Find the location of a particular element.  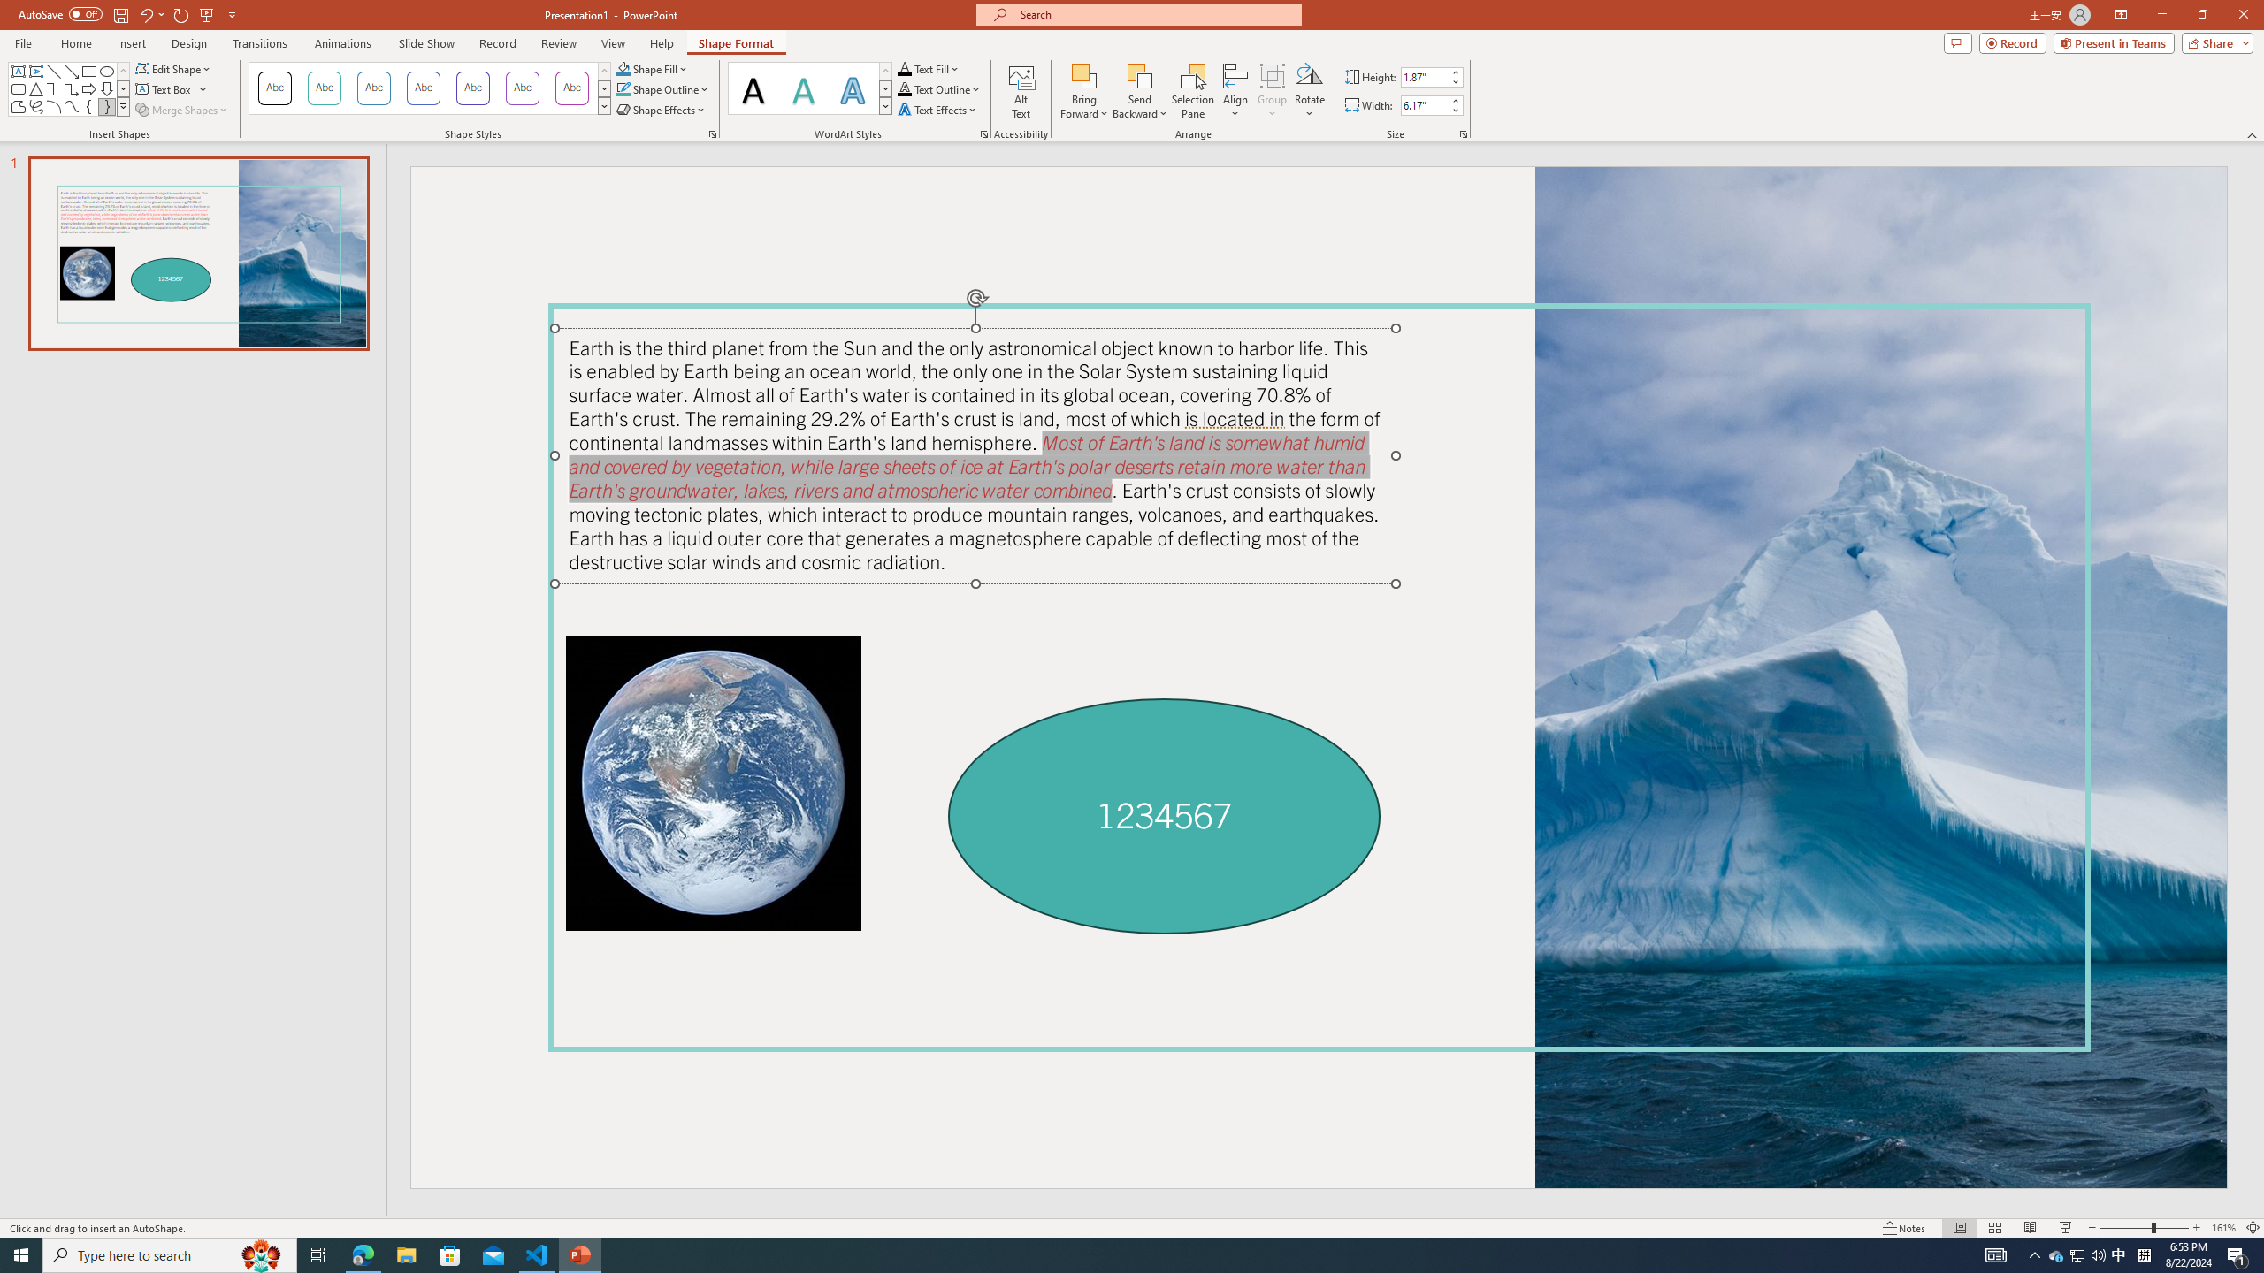

'Colored Outline - Purple, Accent 4' is located at coordinates (472, 88).